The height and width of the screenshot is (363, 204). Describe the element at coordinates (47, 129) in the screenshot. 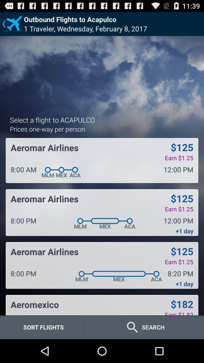

I see `the app above the aeromar airlines app` at that location.